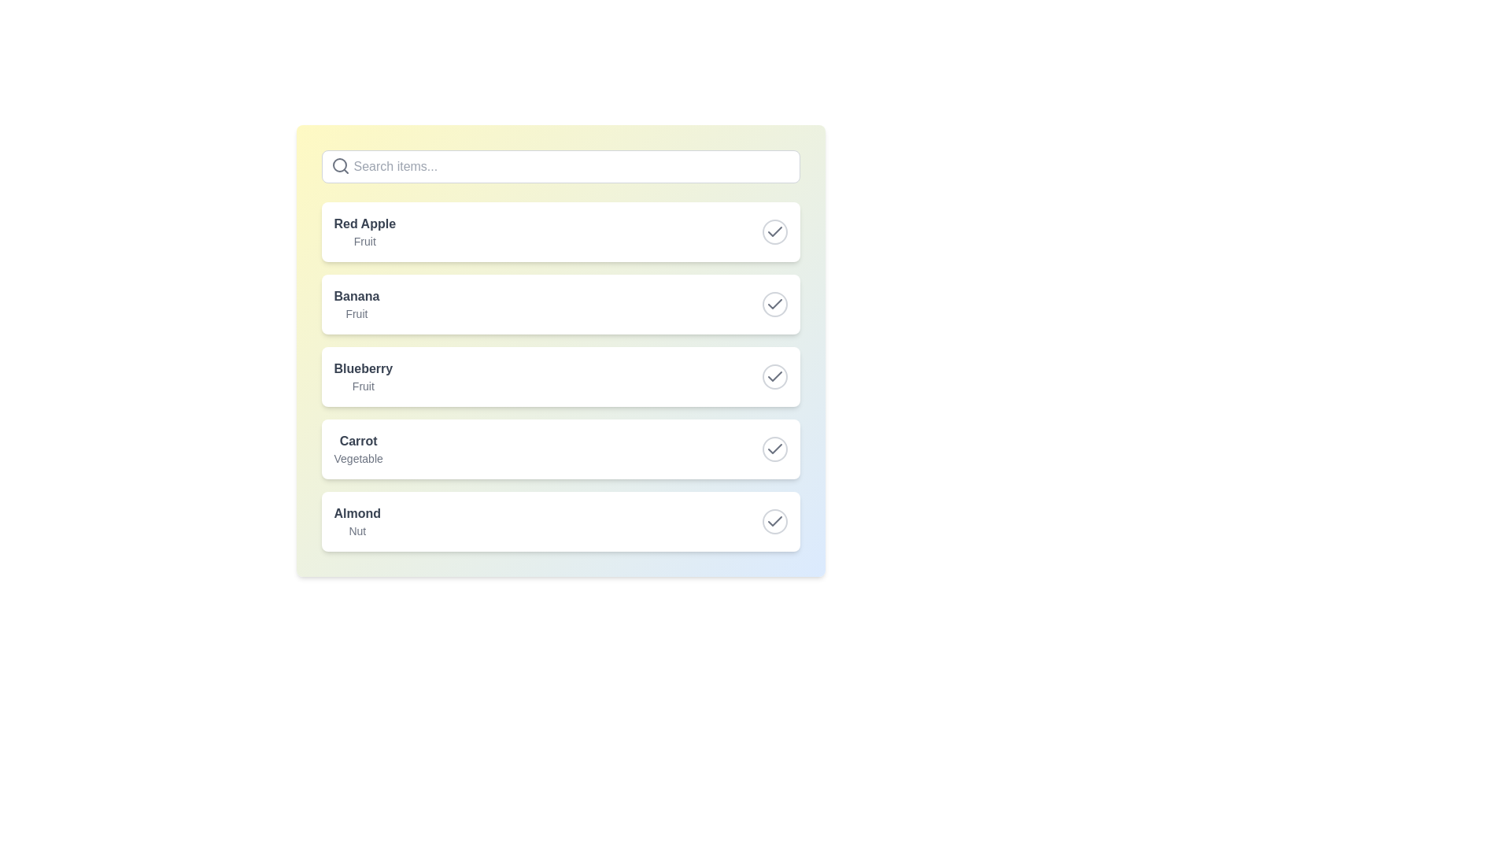 This screenshot has height=850, width=1511. Describe the element at coordinates (356, 304) in the screenshot. I see `the text label indicating 'Banana' as the name and 'Fruit' as the category, which is located in the second row of the vertically stacked list` at that location.